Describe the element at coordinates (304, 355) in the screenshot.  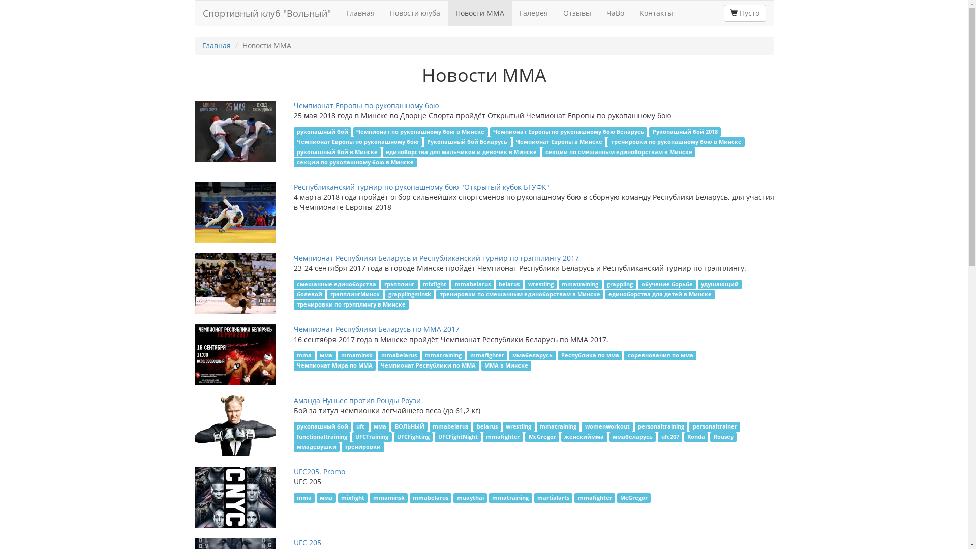
I see `'mma'` at that location.